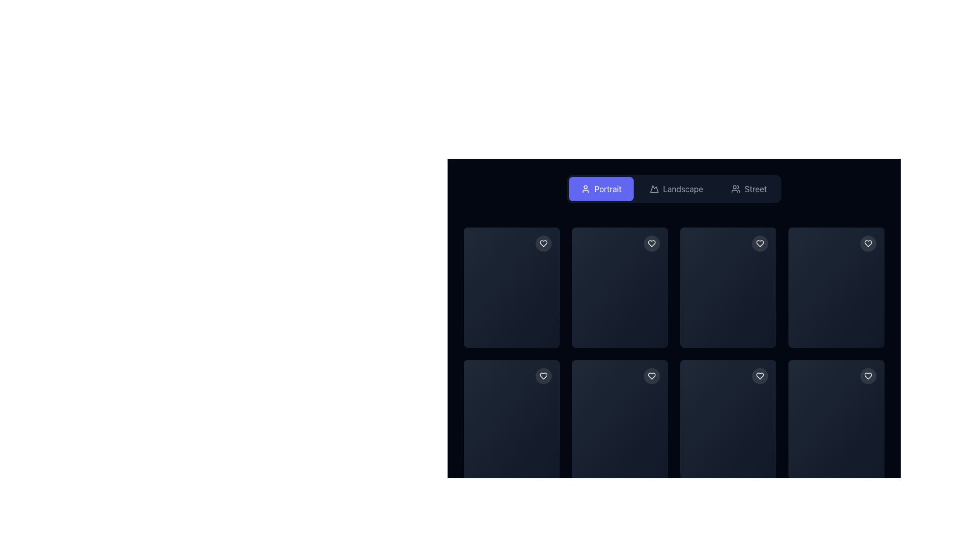  What do you see at coordinates (601, 189) in the screenshot?
I see `the 'Portrait' filter button located at the left of the horizontal menu` at bounding box center [601, 189].